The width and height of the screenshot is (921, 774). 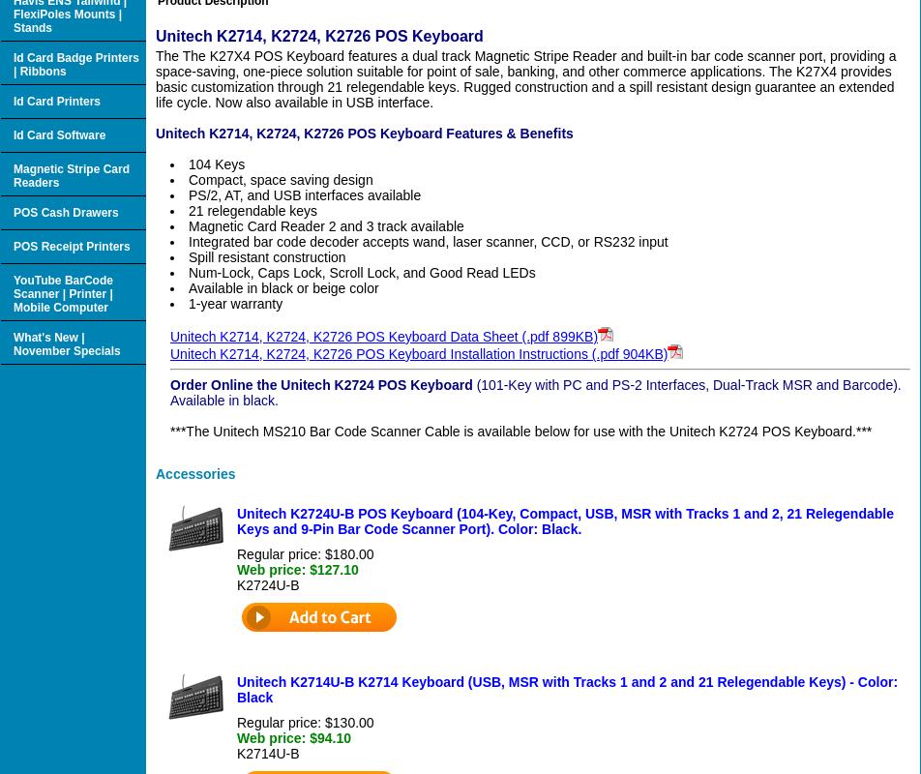 I want to click on 'Id Card Badge Printers | Ribbons', so click(x=76, y=63).